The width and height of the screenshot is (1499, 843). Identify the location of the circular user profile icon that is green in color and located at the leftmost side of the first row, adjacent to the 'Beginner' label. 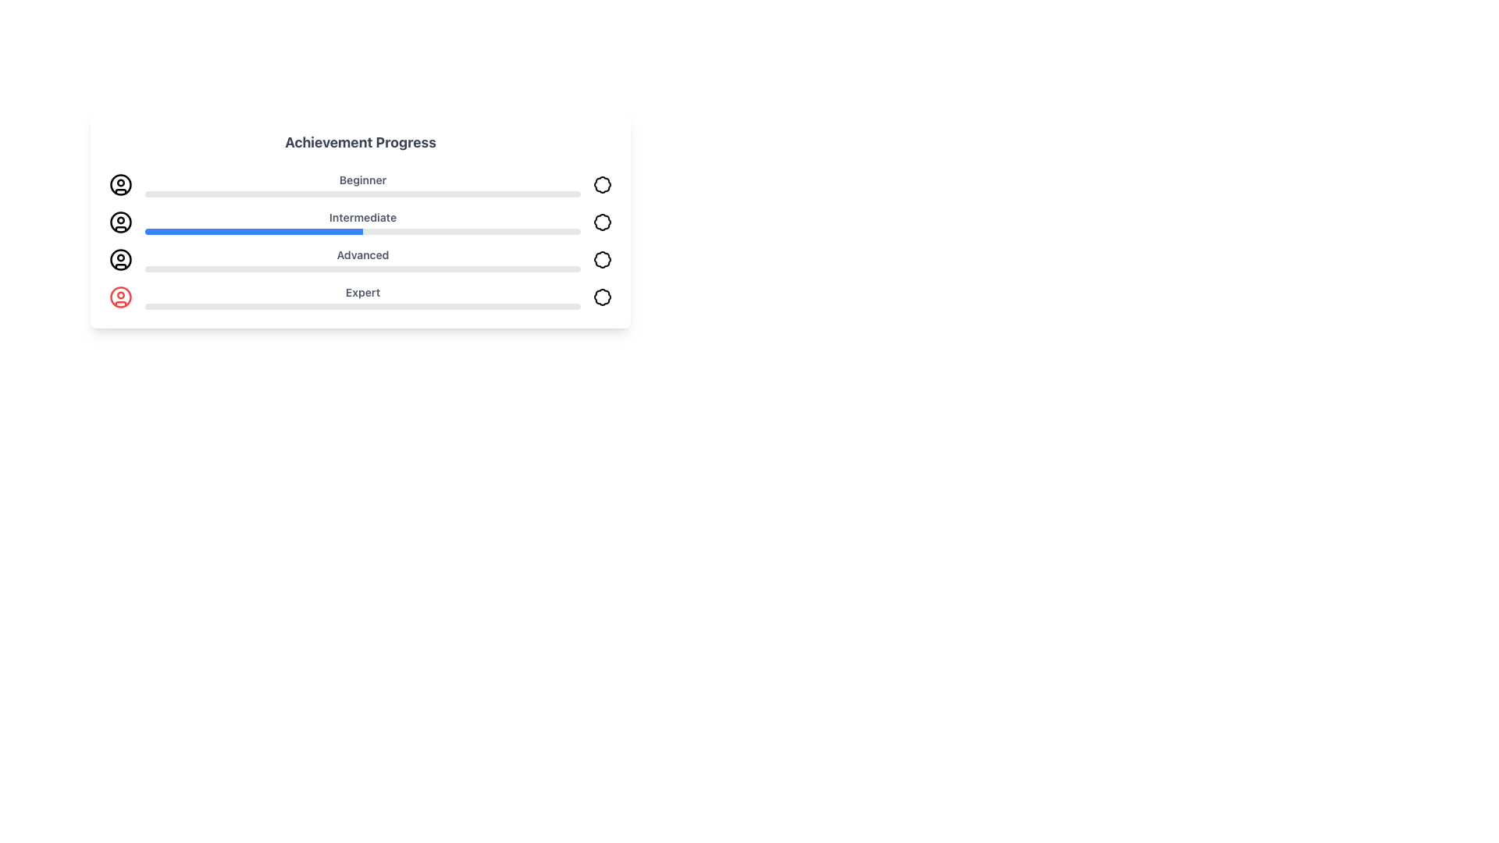
(119, 183).